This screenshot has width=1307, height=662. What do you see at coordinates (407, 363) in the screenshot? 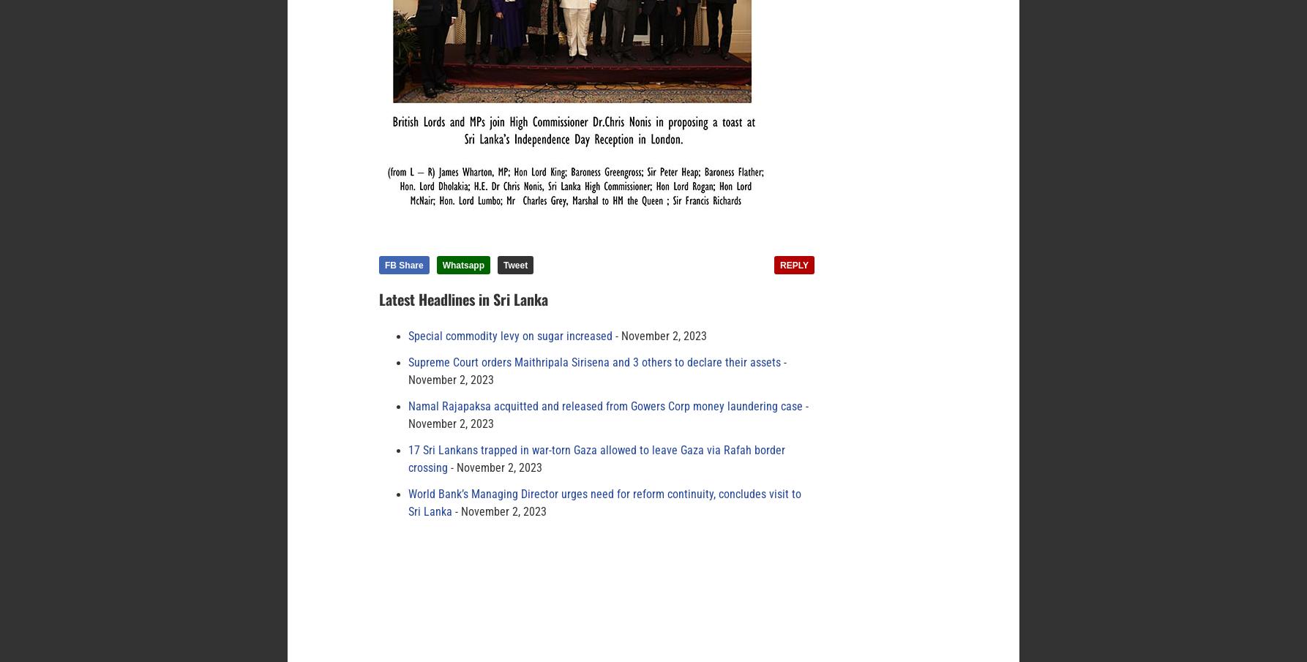
I see `'Supreme Court orders Maithripala Sirisena and 3 others to declare their assets'` at bounding box center [407, 363].